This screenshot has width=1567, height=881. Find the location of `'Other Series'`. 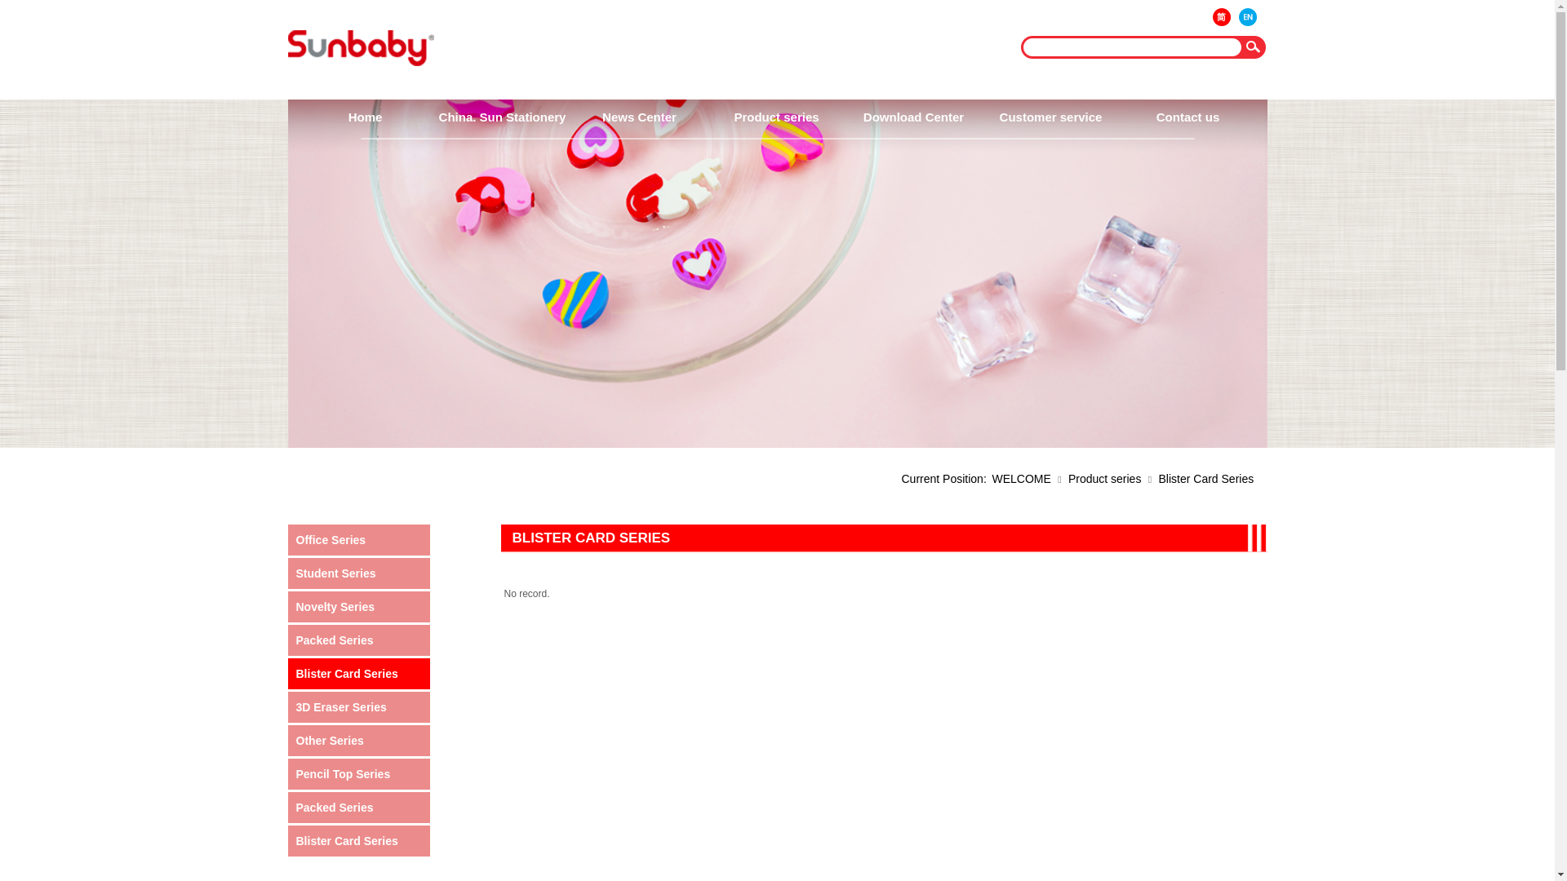

'Other Series' is located at coordinates (359, 740).